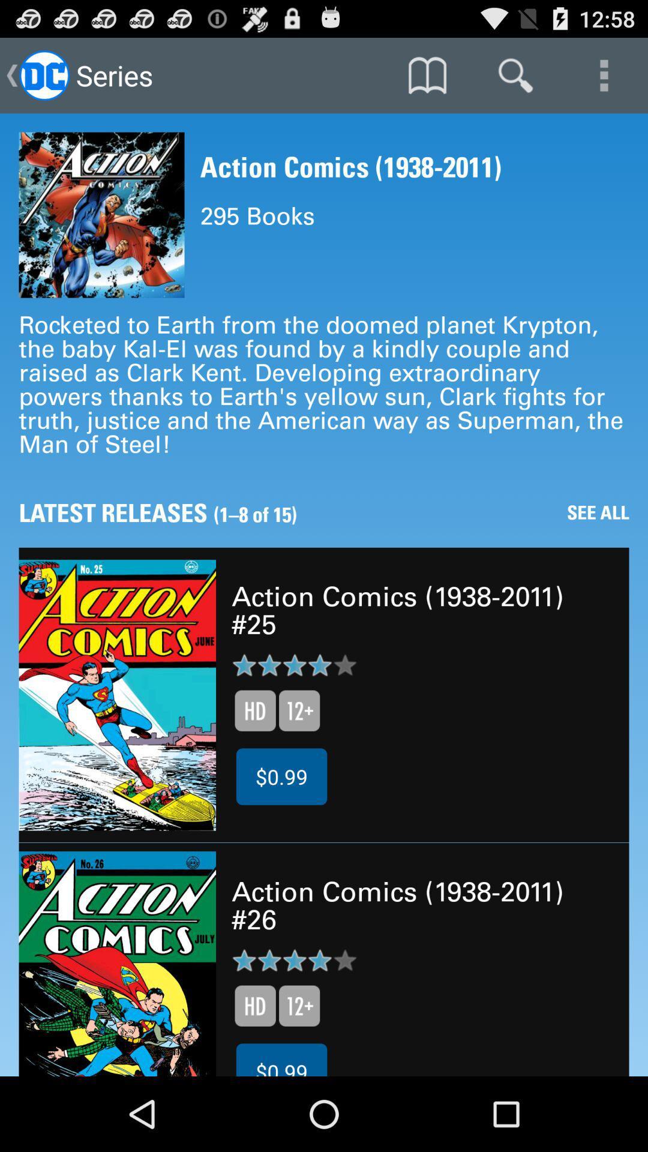 The image size is (648, 1152). Describe the element at coordinates (515, 74) in the screenshot. I see `item above action comics 1938` at that location.